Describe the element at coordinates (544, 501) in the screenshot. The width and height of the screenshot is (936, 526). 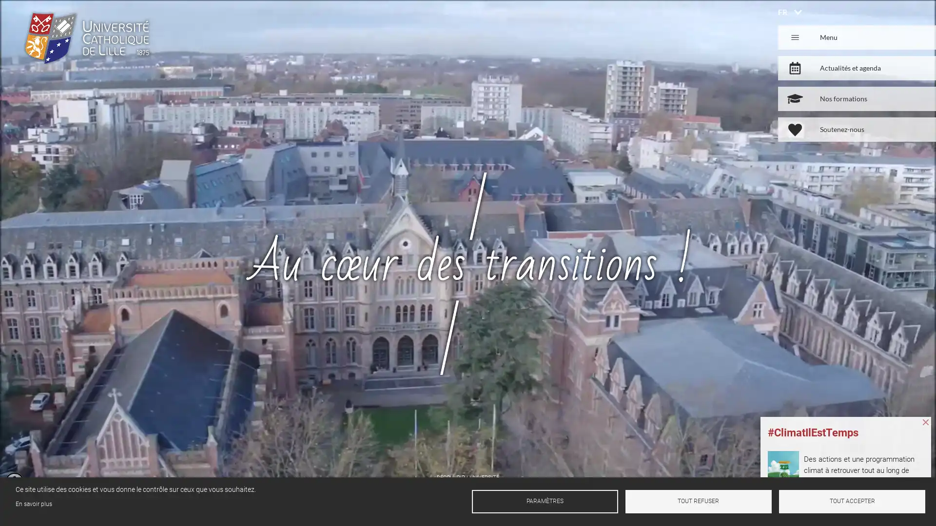
I see `PARAMETRES` at that location.